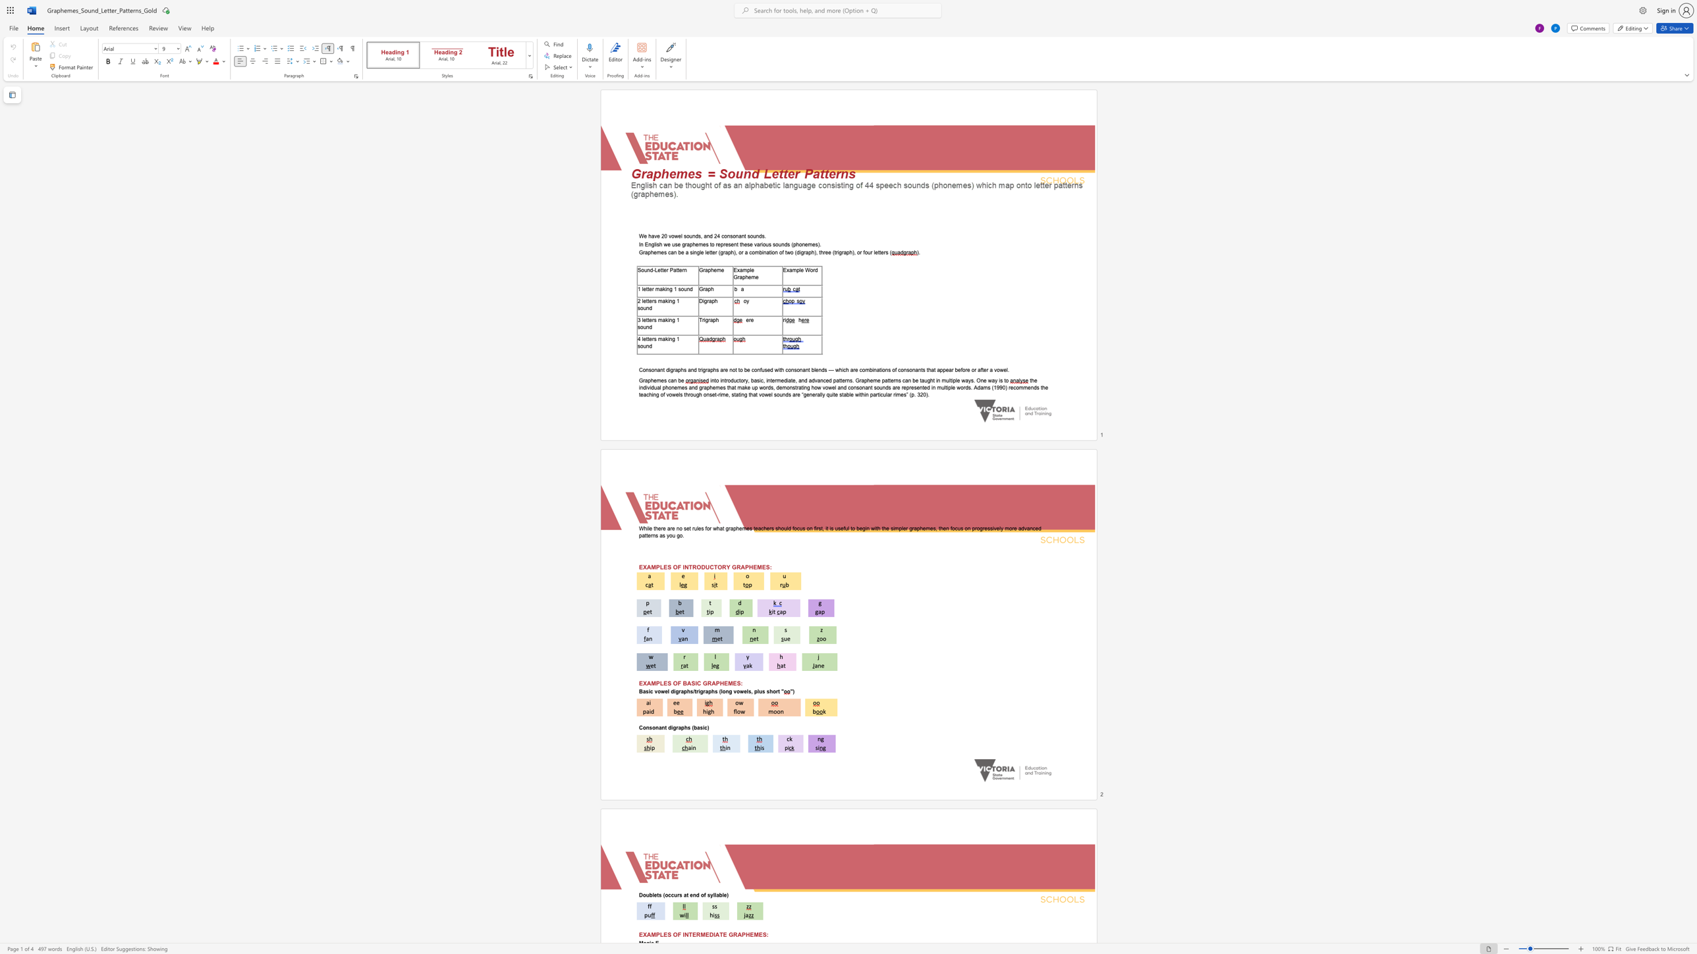  Describe the element at coordinates (737, 934) in the screenshot. I see `the subset text "APHE" within the text "EXAMPLES OF INTERMEDIATE GRAPHEMES:"` at that location.